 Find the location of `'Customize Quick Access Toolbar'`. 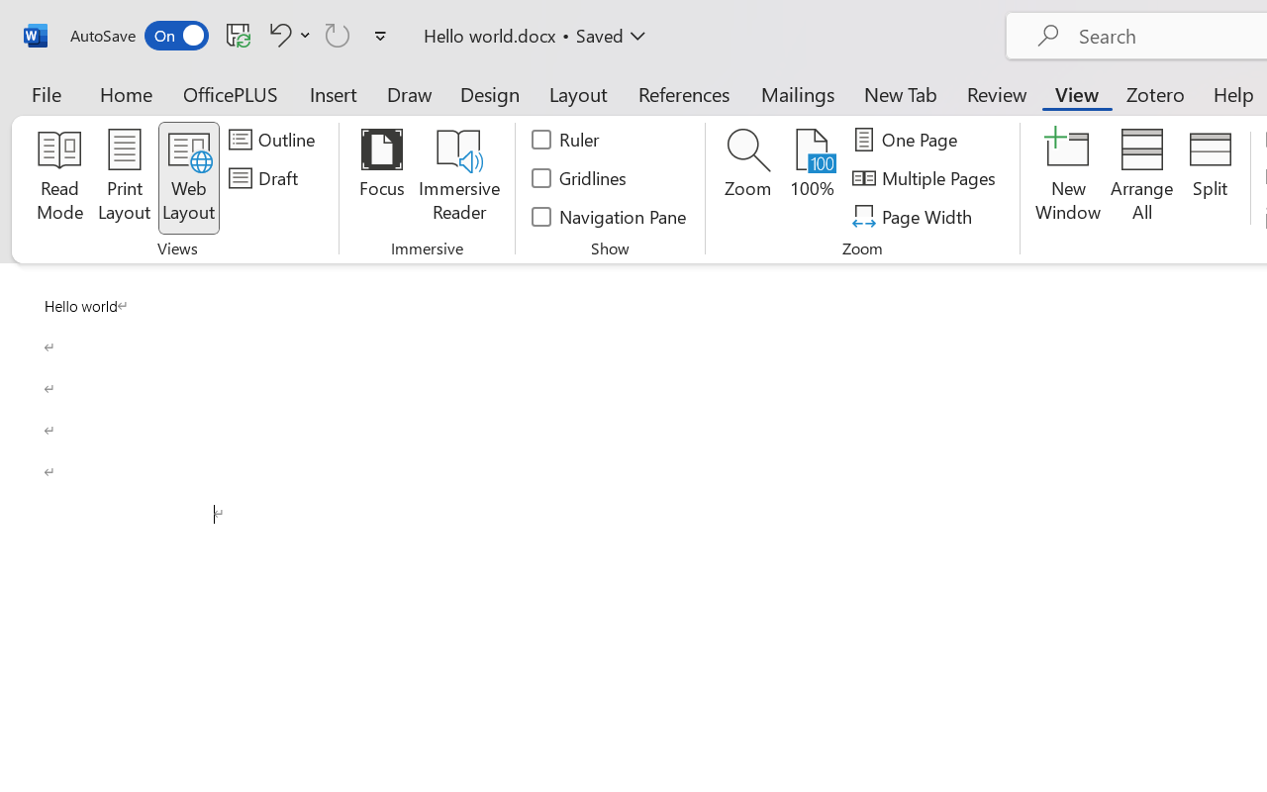

'Customize Quick Access Toolbar' is located at coordinates (380, 35).